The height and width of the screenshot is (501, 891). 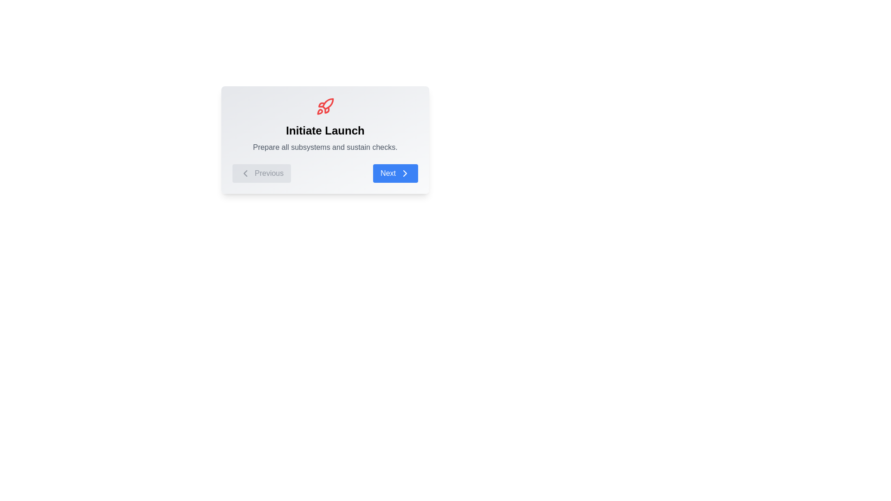 I want to click on the rocket icon to interact with it, so click(x=325, y=106).